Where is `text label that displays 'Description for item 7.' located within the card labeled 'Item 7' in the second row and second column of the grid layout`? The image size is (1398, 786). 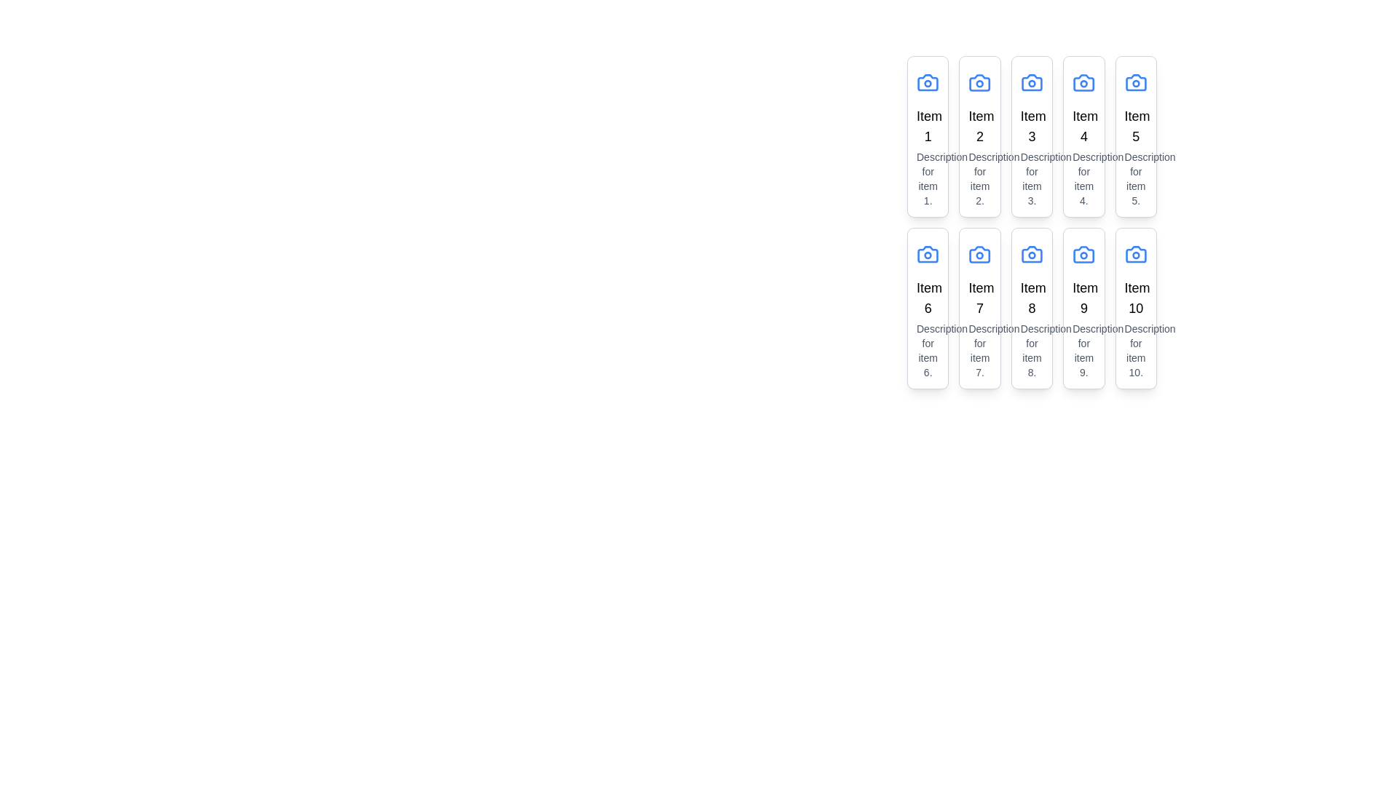
text label that displays 'Description for item 7.' located within the card labeled 'Item 7' in the second row and second column of the grid layout is located at coordinates (980, 351).